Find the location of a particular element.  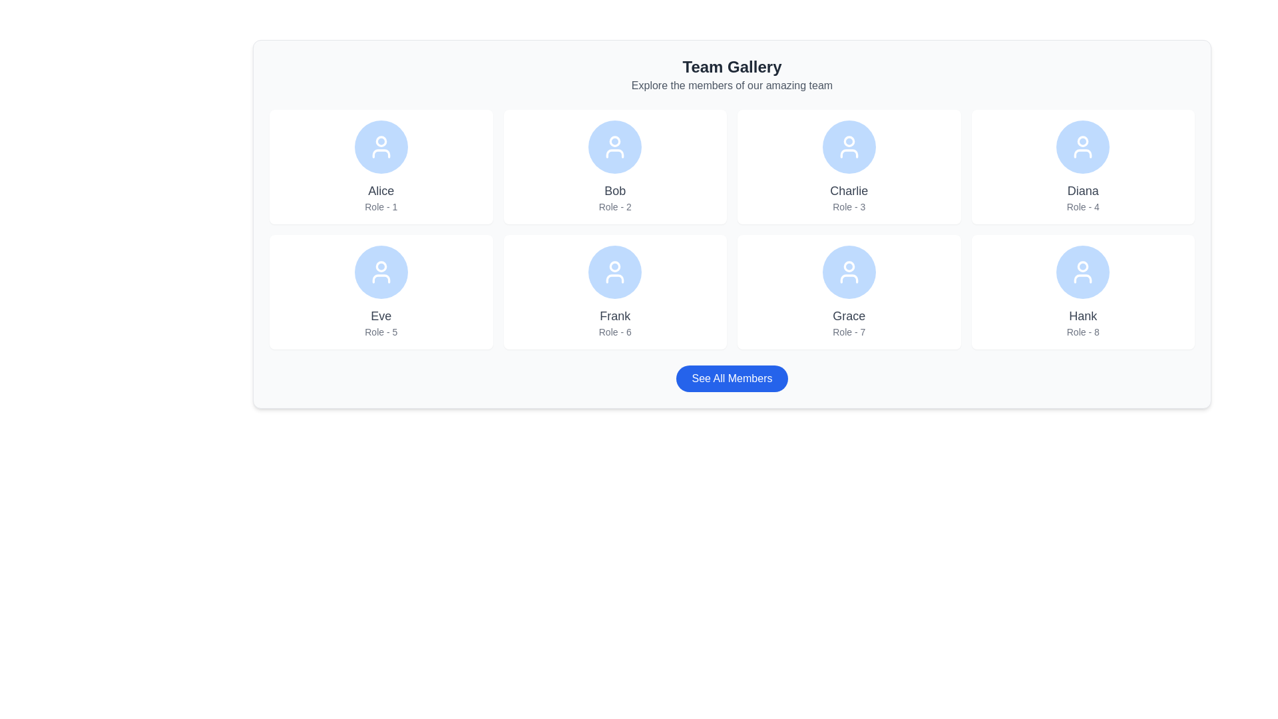

the profile icon representing team member Eve, located in the second row, first column of the team gallery grid is located at coordinates (380, 271).